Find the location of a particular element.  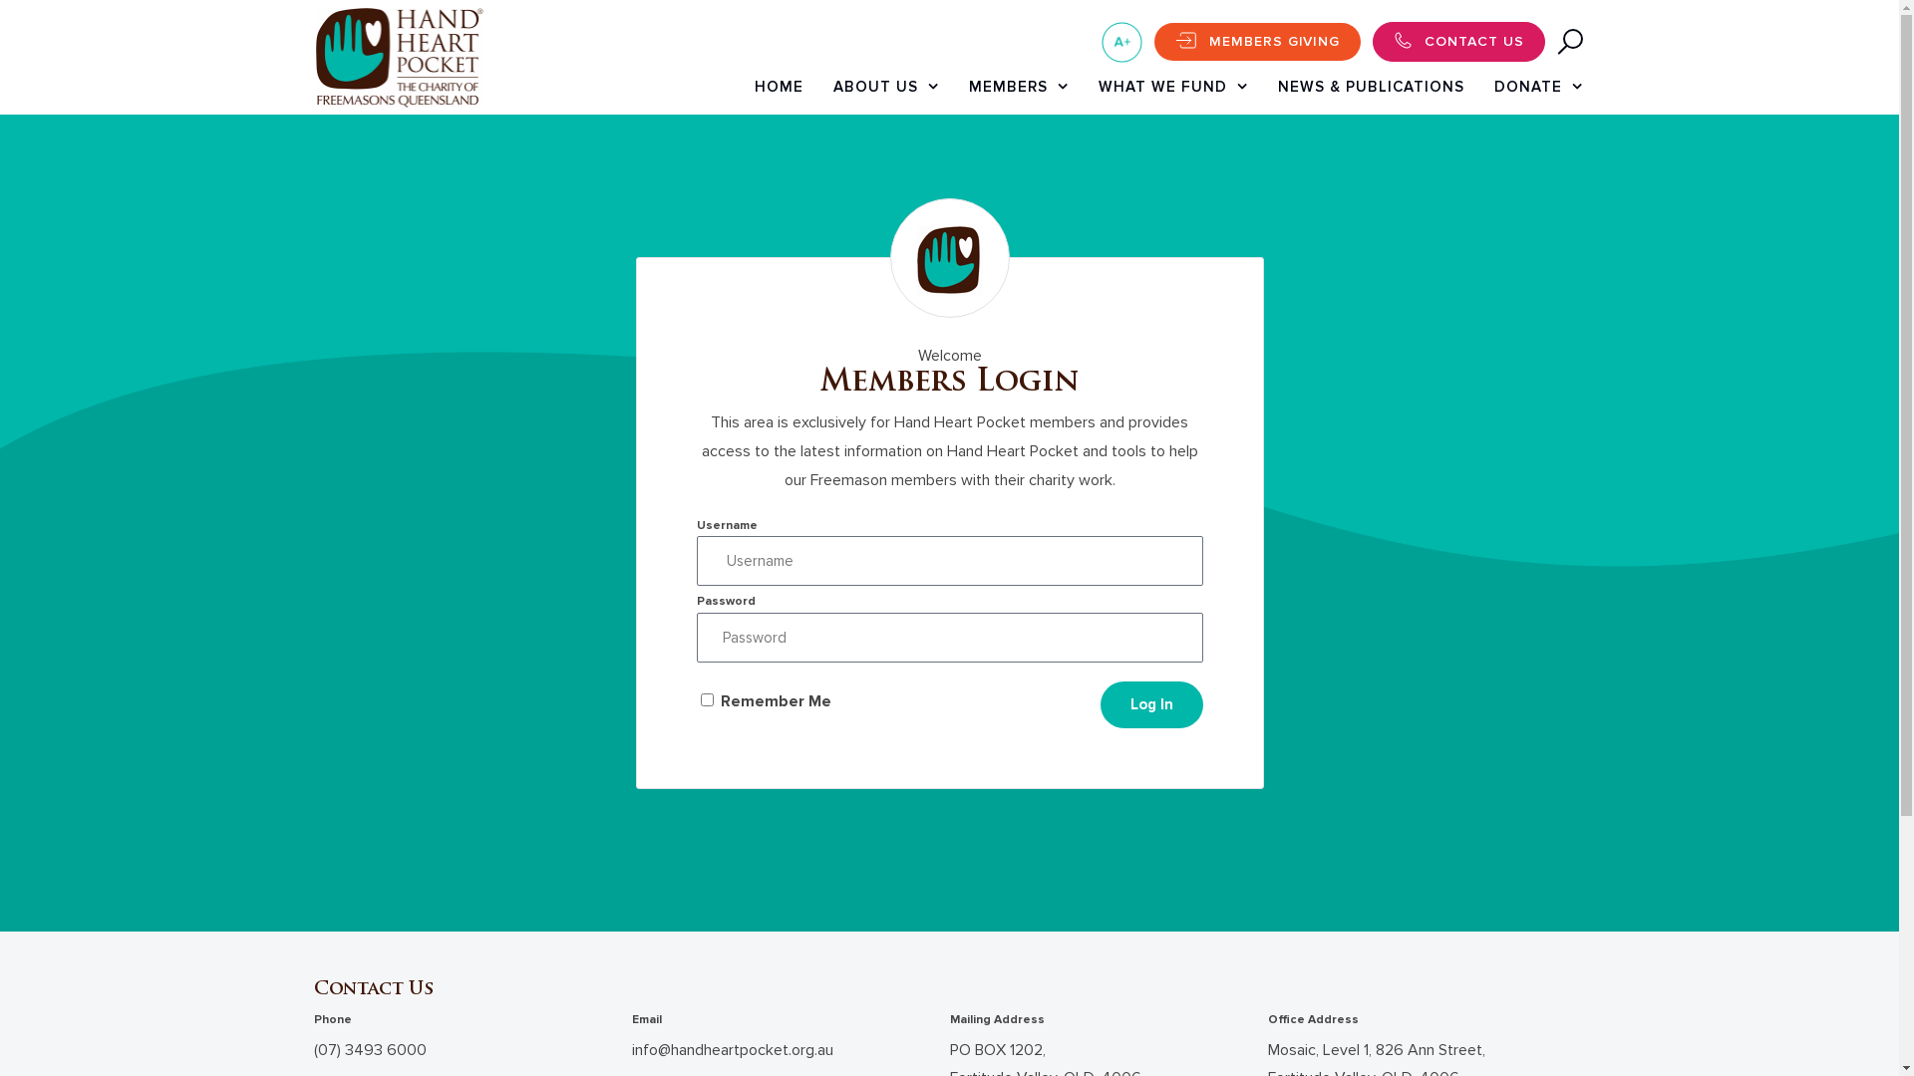

'MEMBERS GIVING' is located at coordinates (1256, 41).